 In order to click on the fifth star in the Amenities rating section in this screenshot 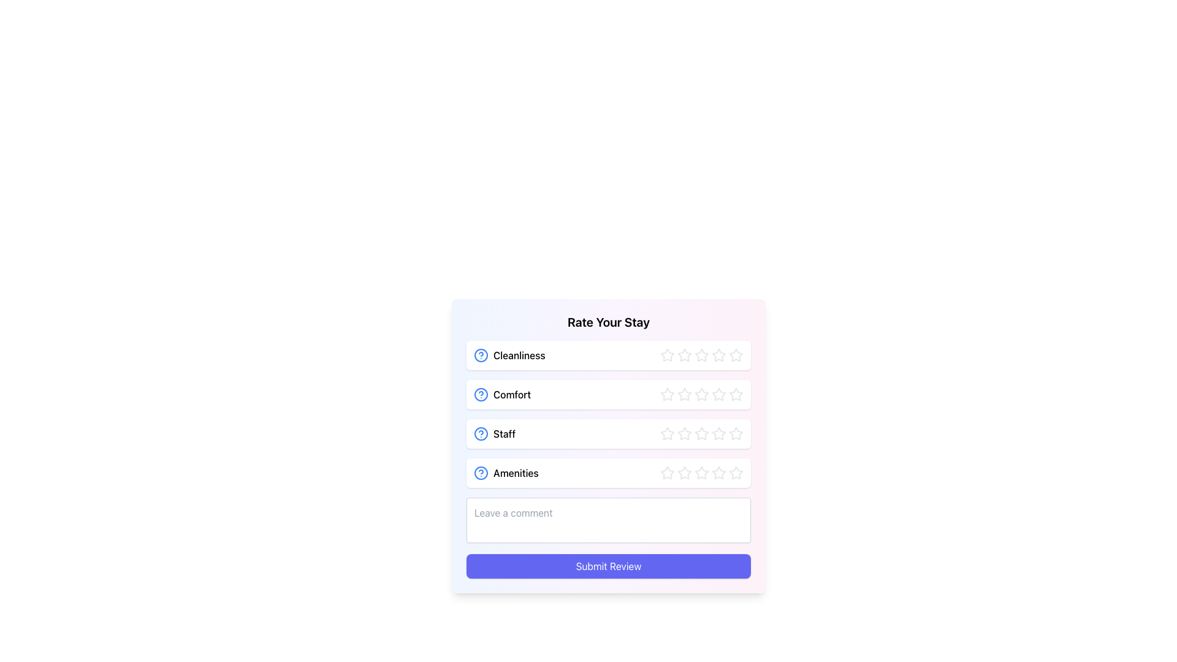, I will do `click(736, 472)`.